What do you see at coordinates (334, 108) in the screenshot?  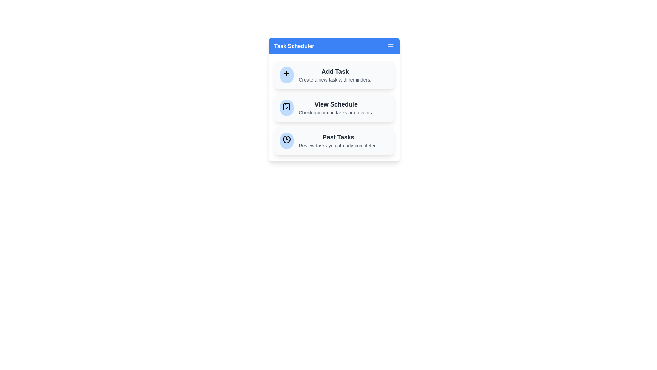 I see `the View Schedule to highlight it` at bounding box center [334, 108].